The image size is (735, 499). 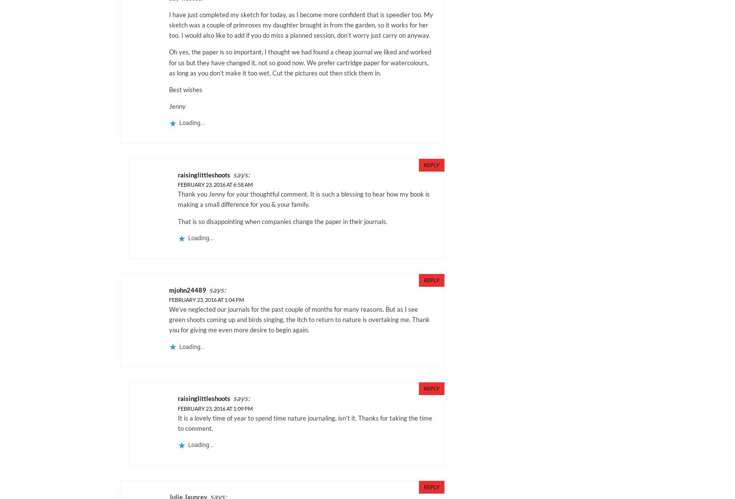 What do you see at coordinates (215, 407) in the screenshot?
I see `'February 23, 2016 at 1:09 pm'` at bounding box center [215, 407].